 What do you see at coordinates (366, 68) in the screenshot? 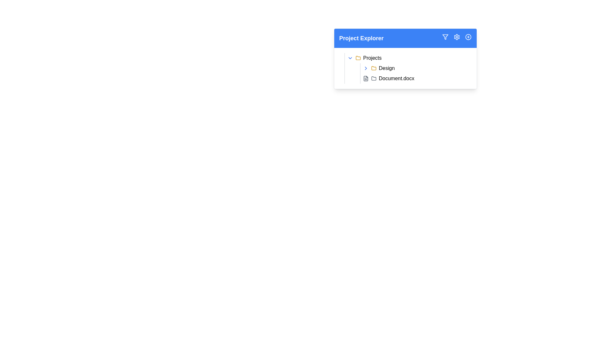
I see `the Chevron Icon located to the left of the 'Design' label in the 'Projects' section of the 'Project Explorer' UI` at bounding box center [366, 68].